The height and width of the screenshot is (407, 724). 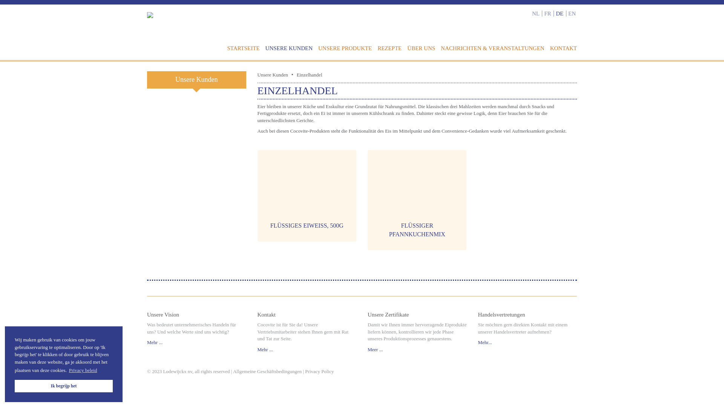 I want to click on 'DE', so click(x=555, y=13).